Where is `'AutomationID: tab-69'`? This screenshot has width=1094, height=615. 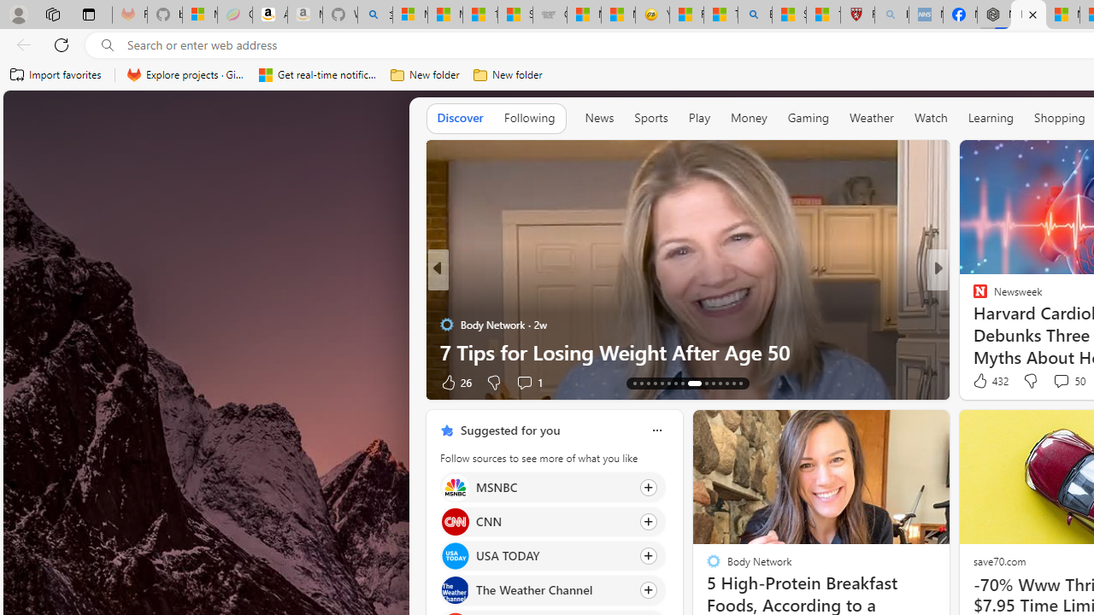
'AutomationID: tab-69' is located at coordinates (654, 382).